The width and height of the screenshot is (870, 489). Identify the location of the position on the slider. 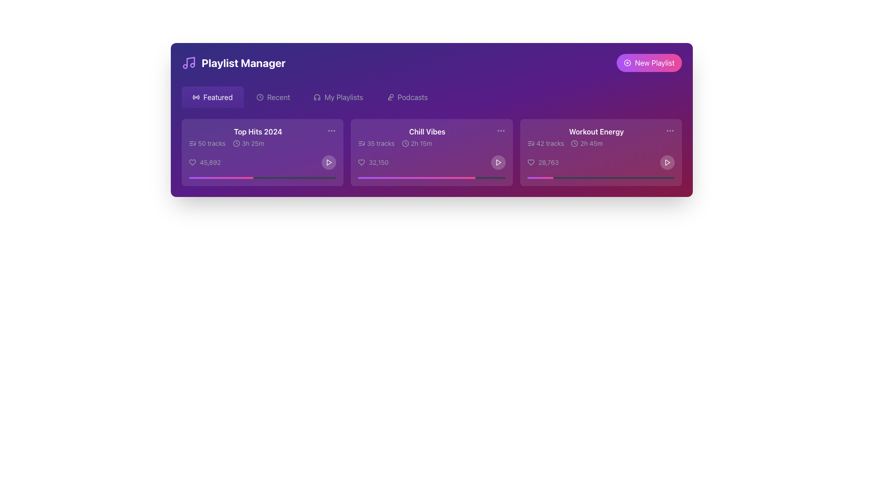
(417, 178).